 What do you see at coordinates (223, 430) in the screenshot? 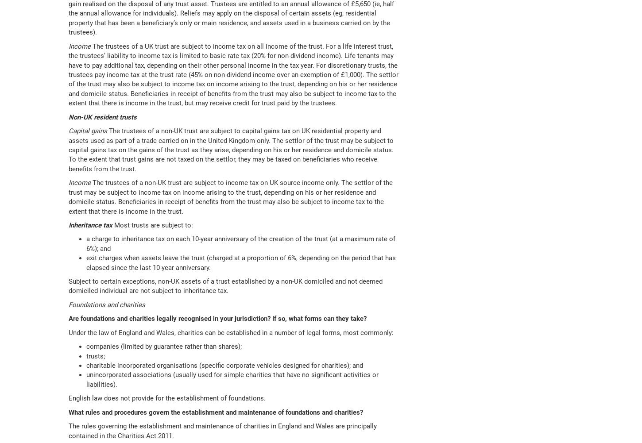
I see `'The rules governing the establishment and maintenance of charities in England and Wales are principally contained in the Charities Act 2011.'` at bounding box center [223, 430].